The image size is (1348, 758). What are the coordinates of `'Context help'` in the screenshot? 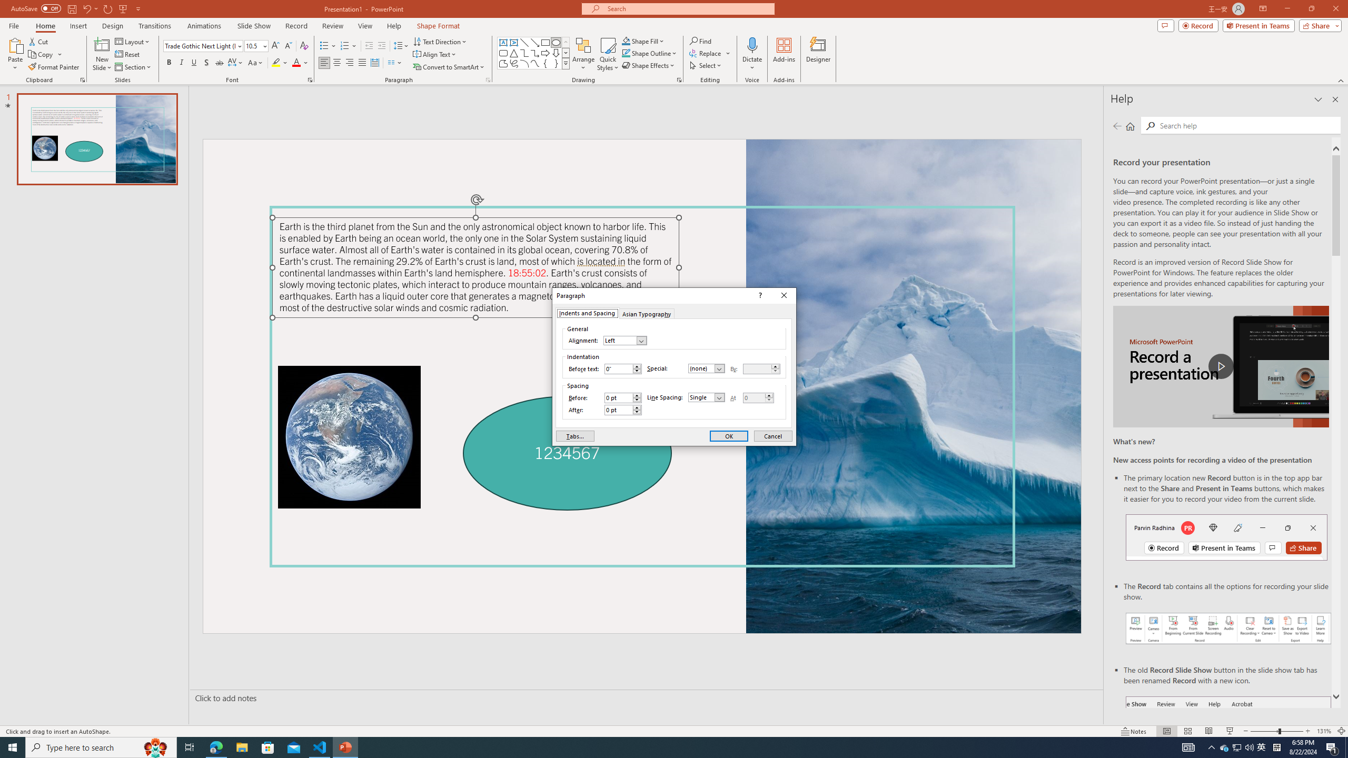 It's located at (759, 296).